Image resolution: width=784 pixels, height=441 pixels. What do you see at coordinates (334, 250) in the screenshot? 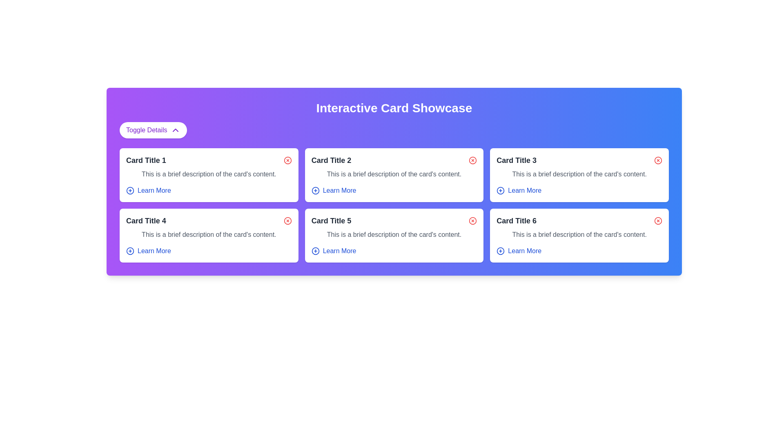
I see `the call-to-action link styled as a button located at the bottom-right corner of 'Card Title 5'` at bounding box center [334, 250].